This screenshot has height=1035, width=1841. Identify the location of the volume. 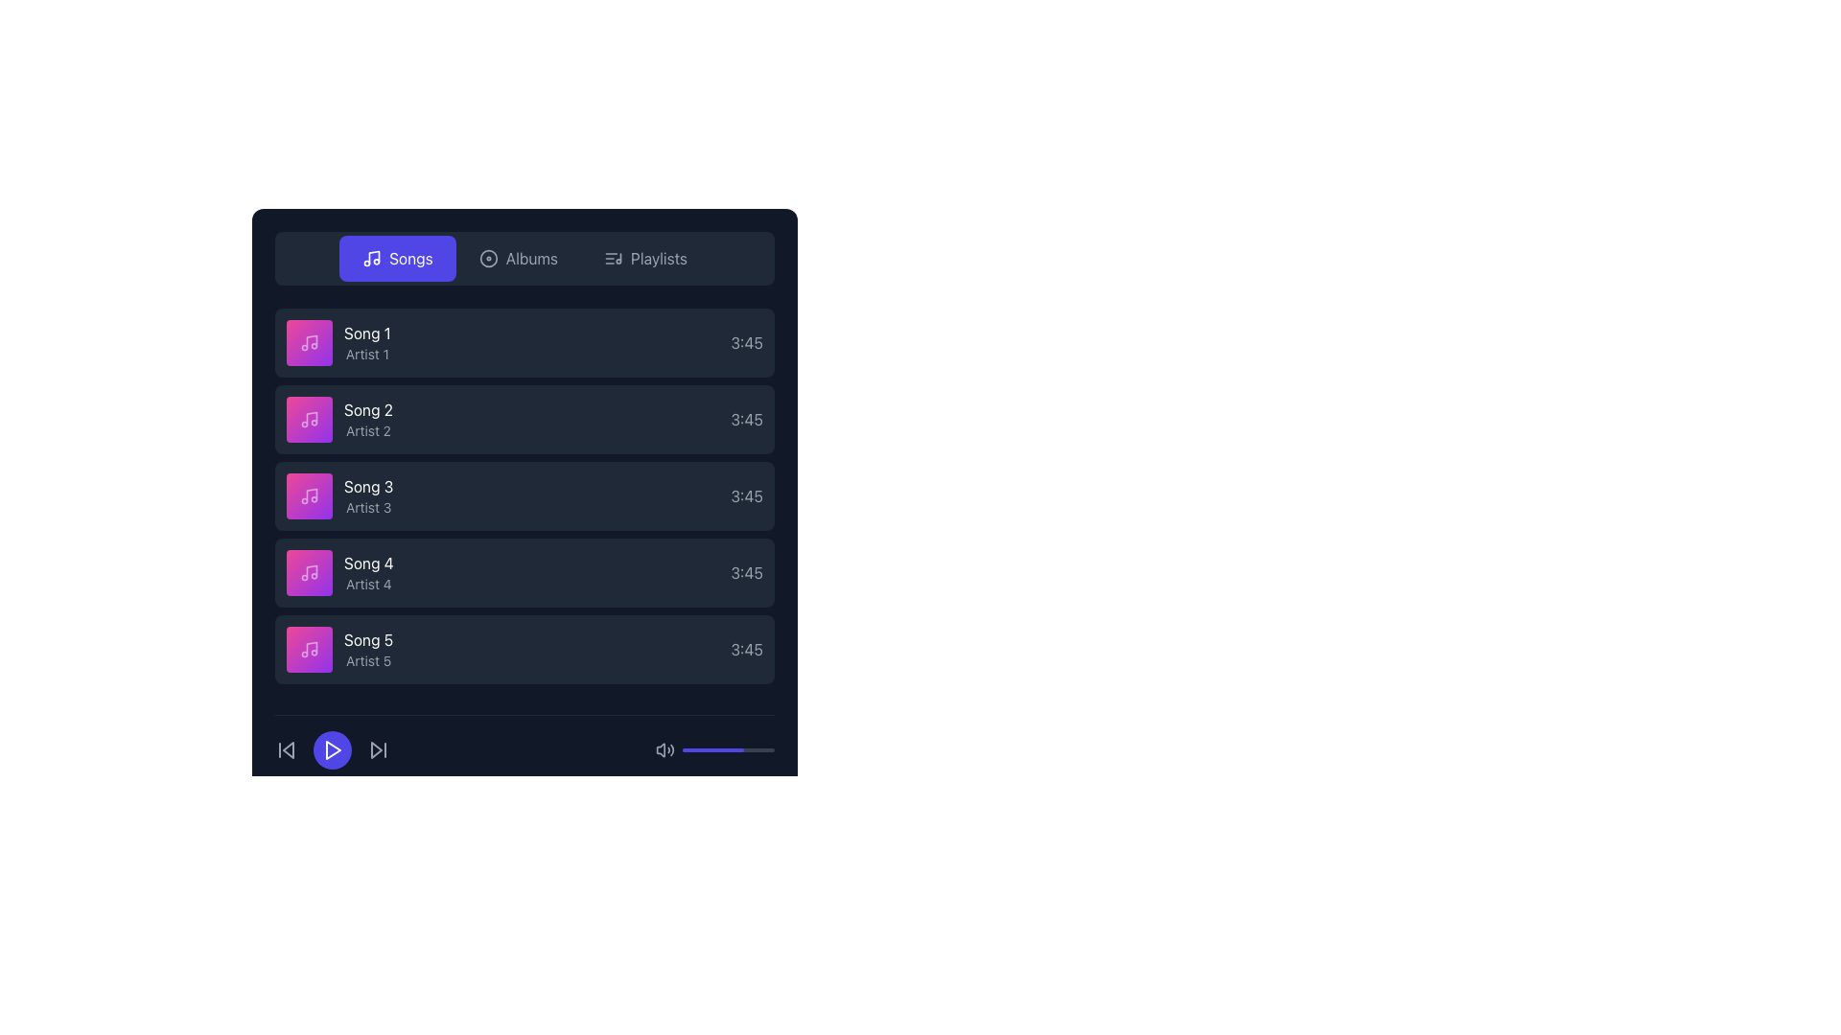
(729, 749).